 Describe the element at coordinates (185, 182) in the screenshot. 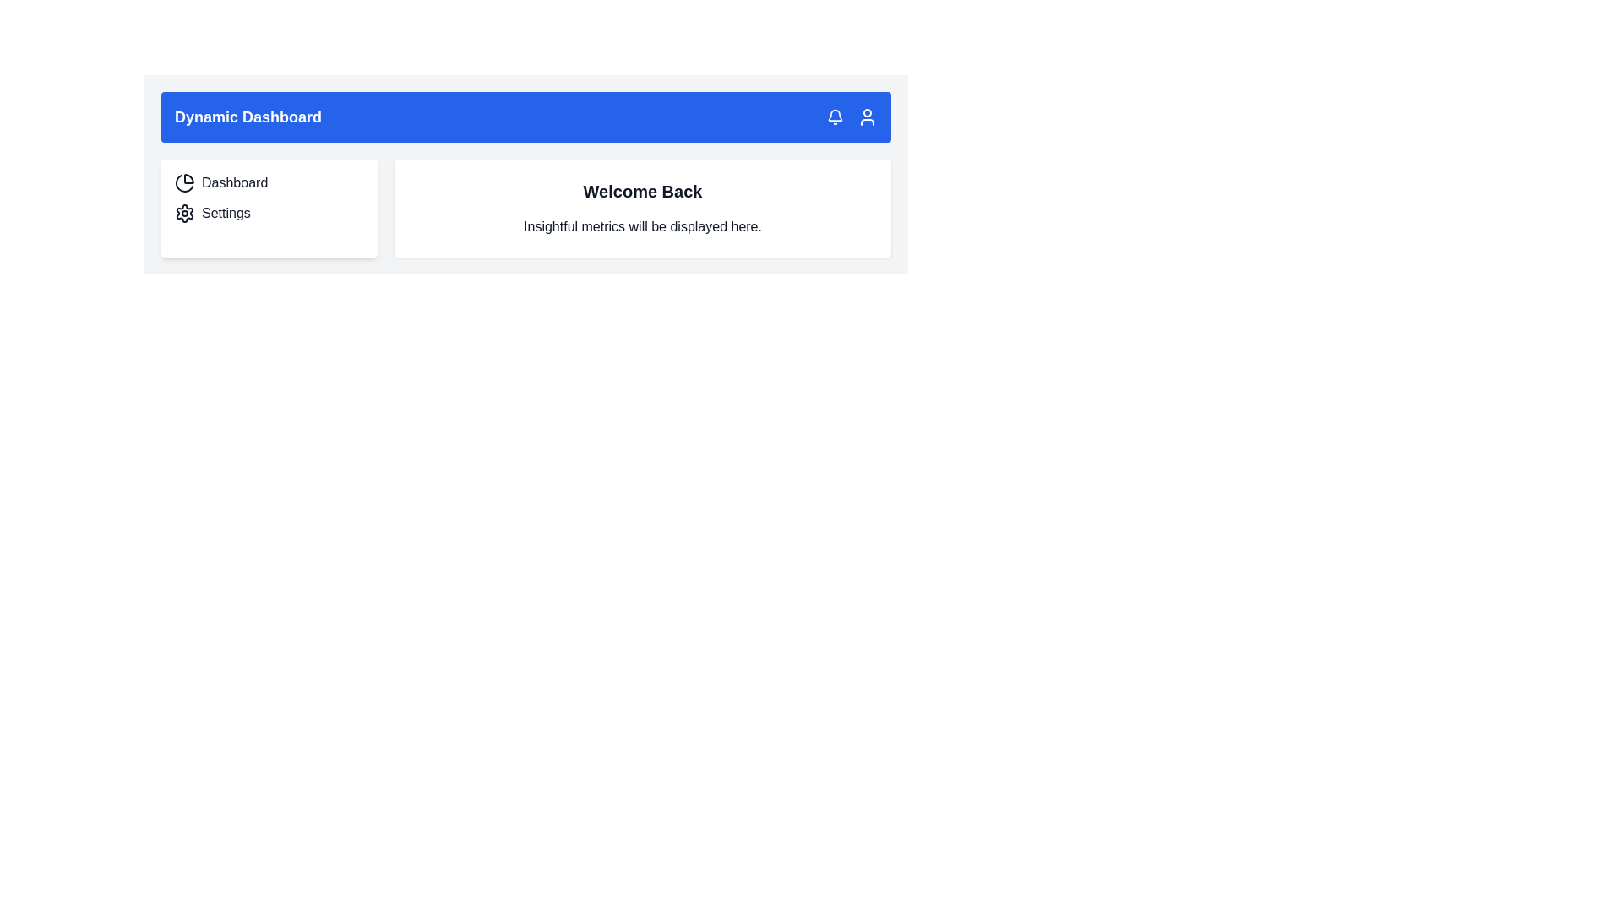

I see `the 'Dashboard' button, which visually represents the 'Dashboard' section and is located underneath the blue header bar` at that location.